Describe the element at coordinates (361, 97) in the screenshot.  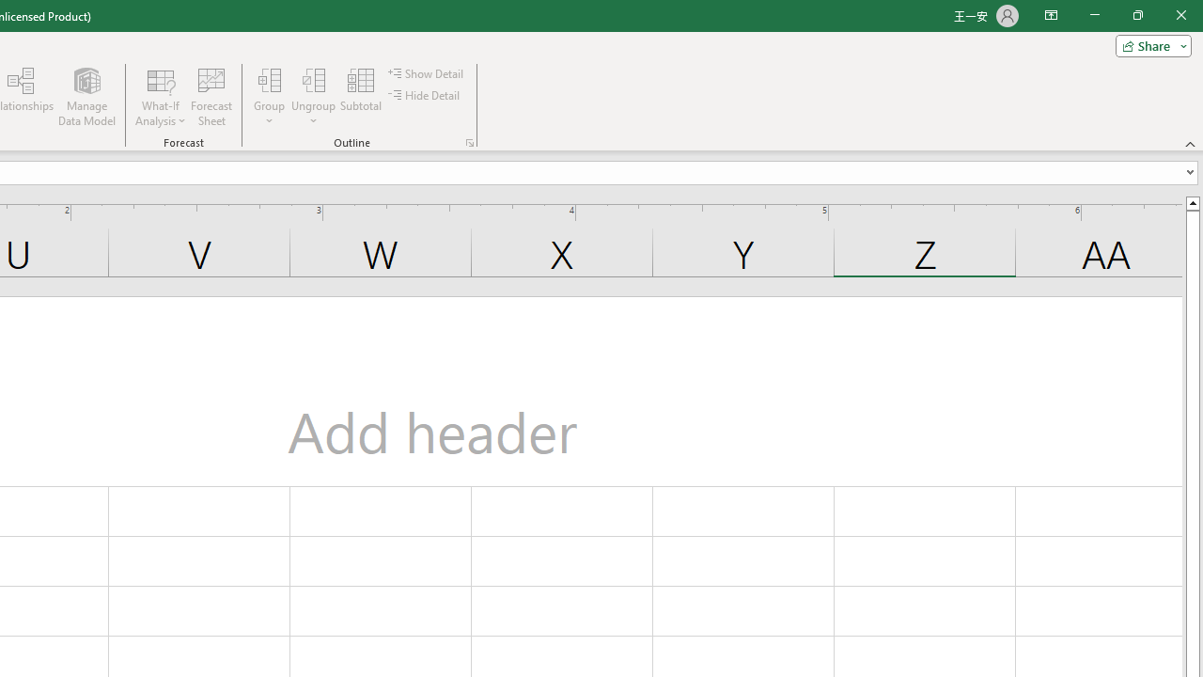
I see `'Subtotal'` at that location.